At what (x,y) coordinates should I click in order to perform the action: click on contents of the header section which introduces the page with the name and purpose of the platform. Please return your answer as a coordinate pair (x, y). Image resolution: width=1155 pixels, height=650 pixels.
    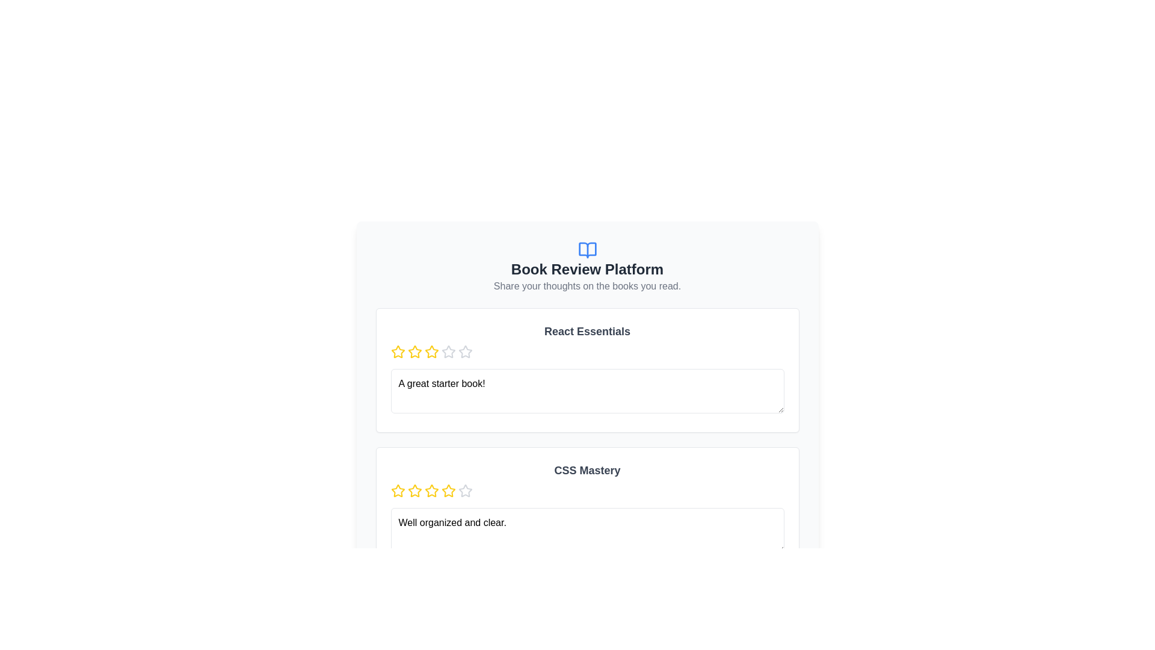
    Looking at the image, I should click on (587, 266).